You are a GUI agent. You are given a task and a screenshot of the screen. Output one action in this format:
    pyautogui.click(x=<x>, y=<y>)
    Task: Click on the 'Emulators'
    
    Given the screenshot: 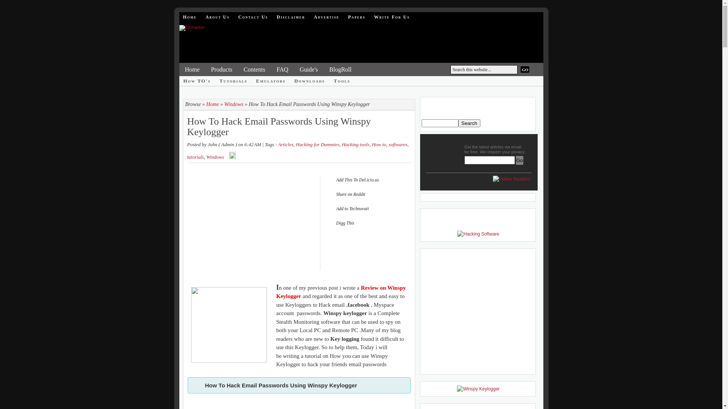 What is the action you would take?
    pyautogui.click(x=271, y=81)
    